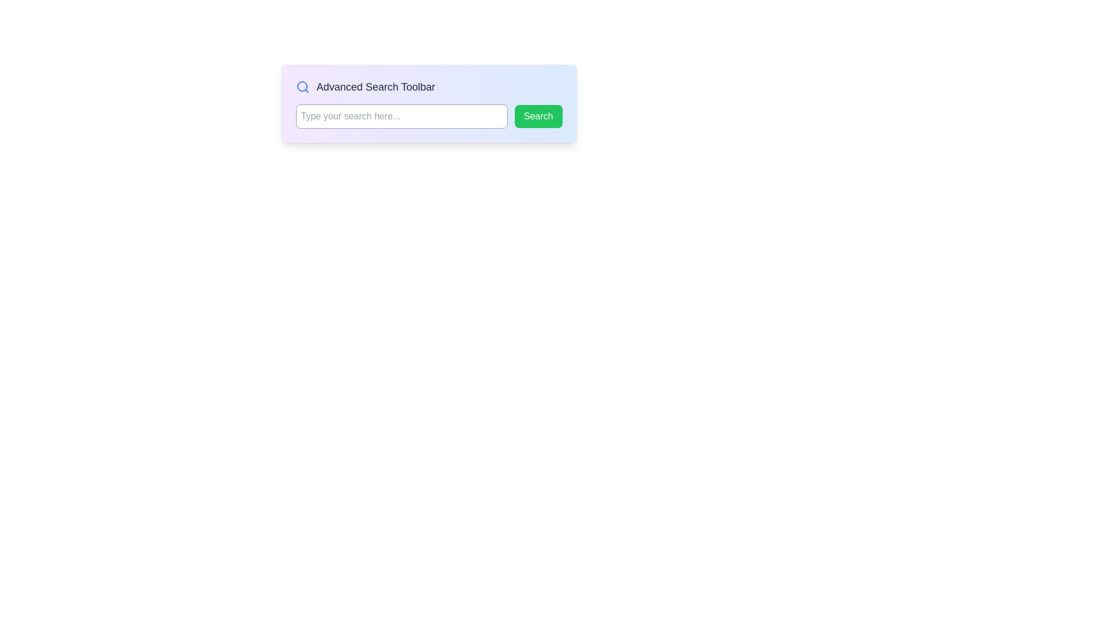 The height and width of the screenshot is (623, 1108). Describe the element at coordinates (302, 86) in the screenshot. I see `the circular SVG element that visually signifies the lens in the magnifying glass illustration, which is part of the search icon located to the left of the text field in the search toolbar` at that location.